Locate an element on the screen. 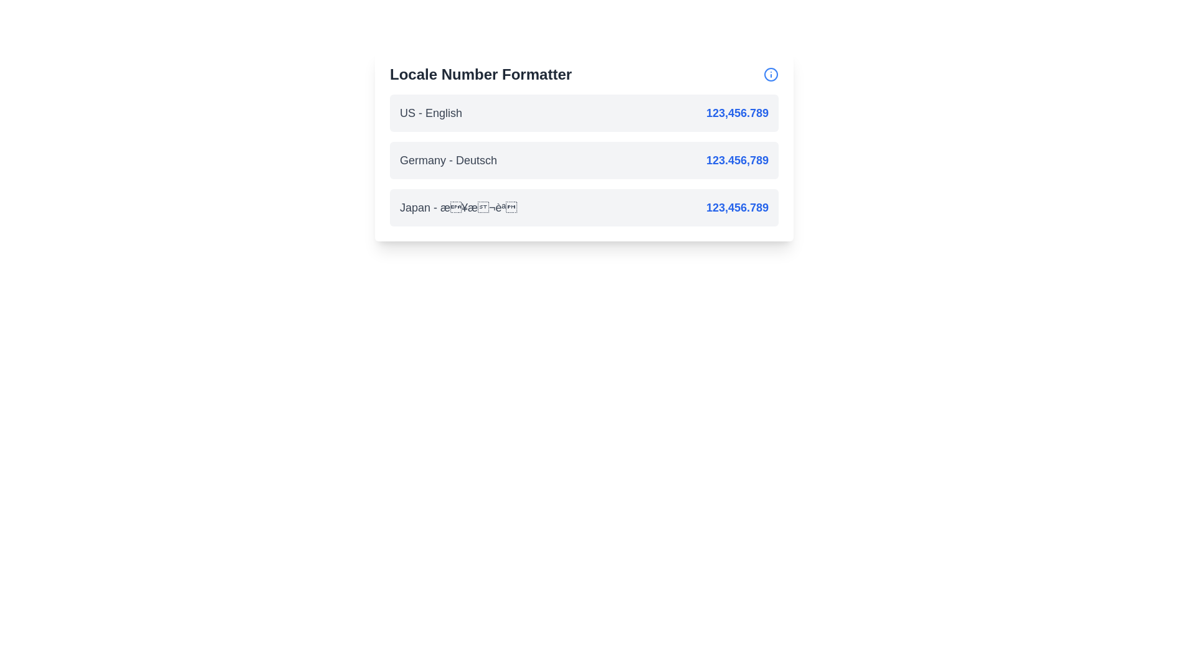 The width and height of the screenshot is (1196, 672). the second list item element displaying a language and its associated numerical format, located between 'US - English' and 'Japan - 日本語' is located at coordinates (583, 160).